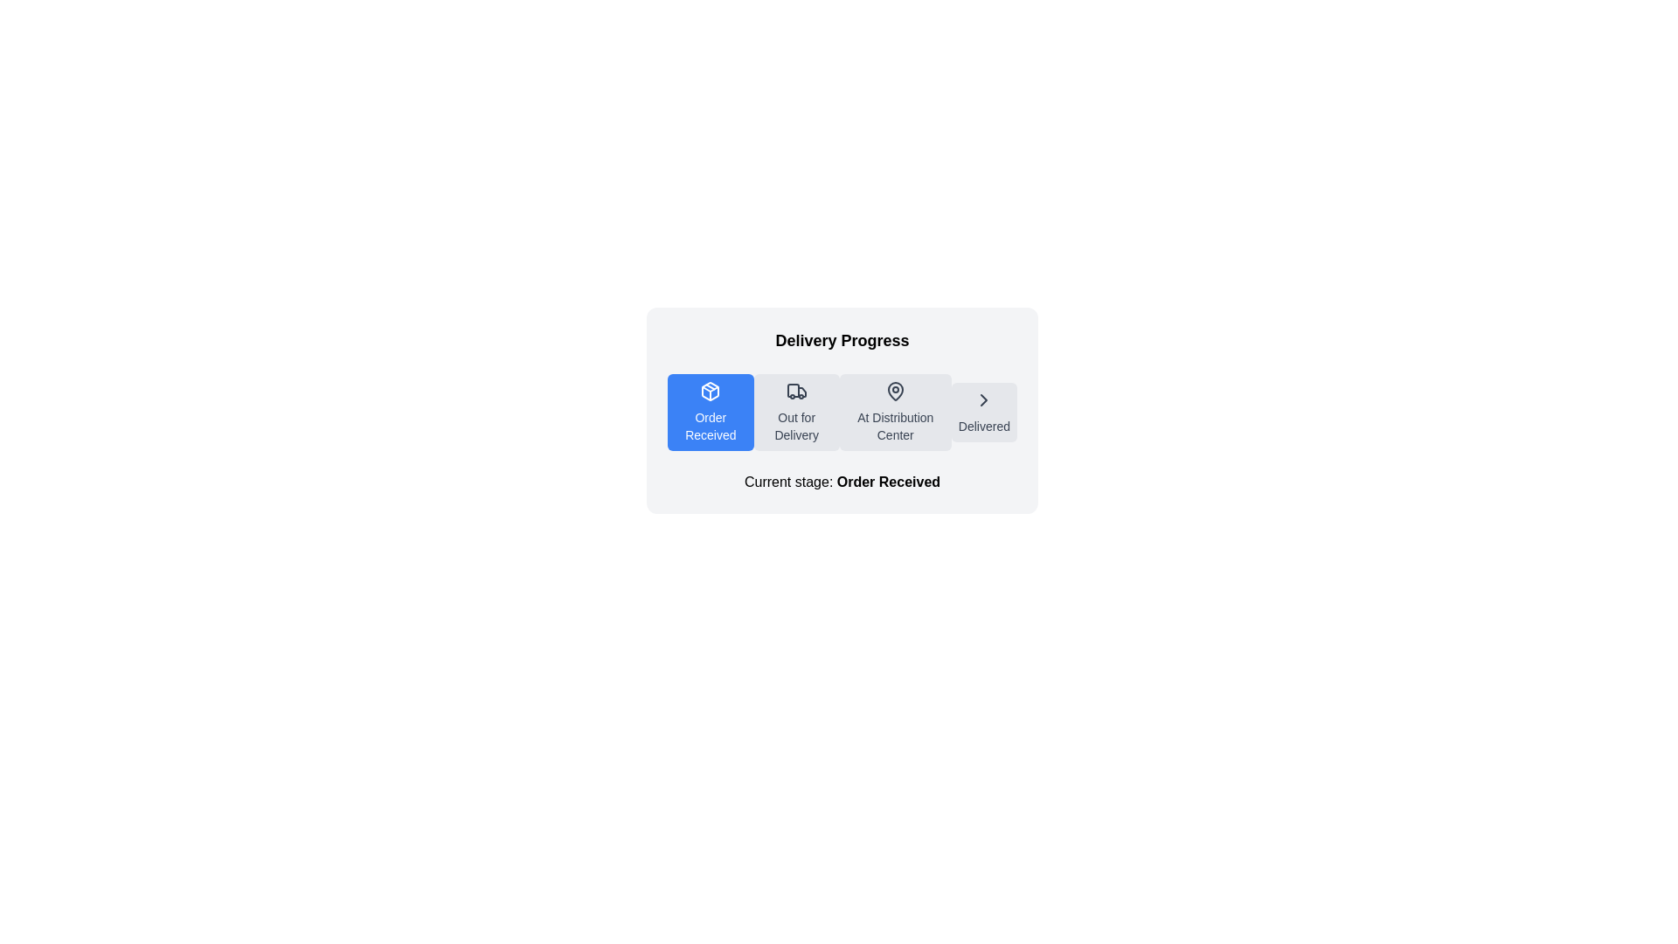 This screenshot has width=1678, height=944. What do you see at coordinates (711, 427) in the screenshot?
I see `the text label reading 'Order Received', which is styled with a small white font on a blue background, located in the first section of the delivery progress tracker` at bounding box center [711, 427].